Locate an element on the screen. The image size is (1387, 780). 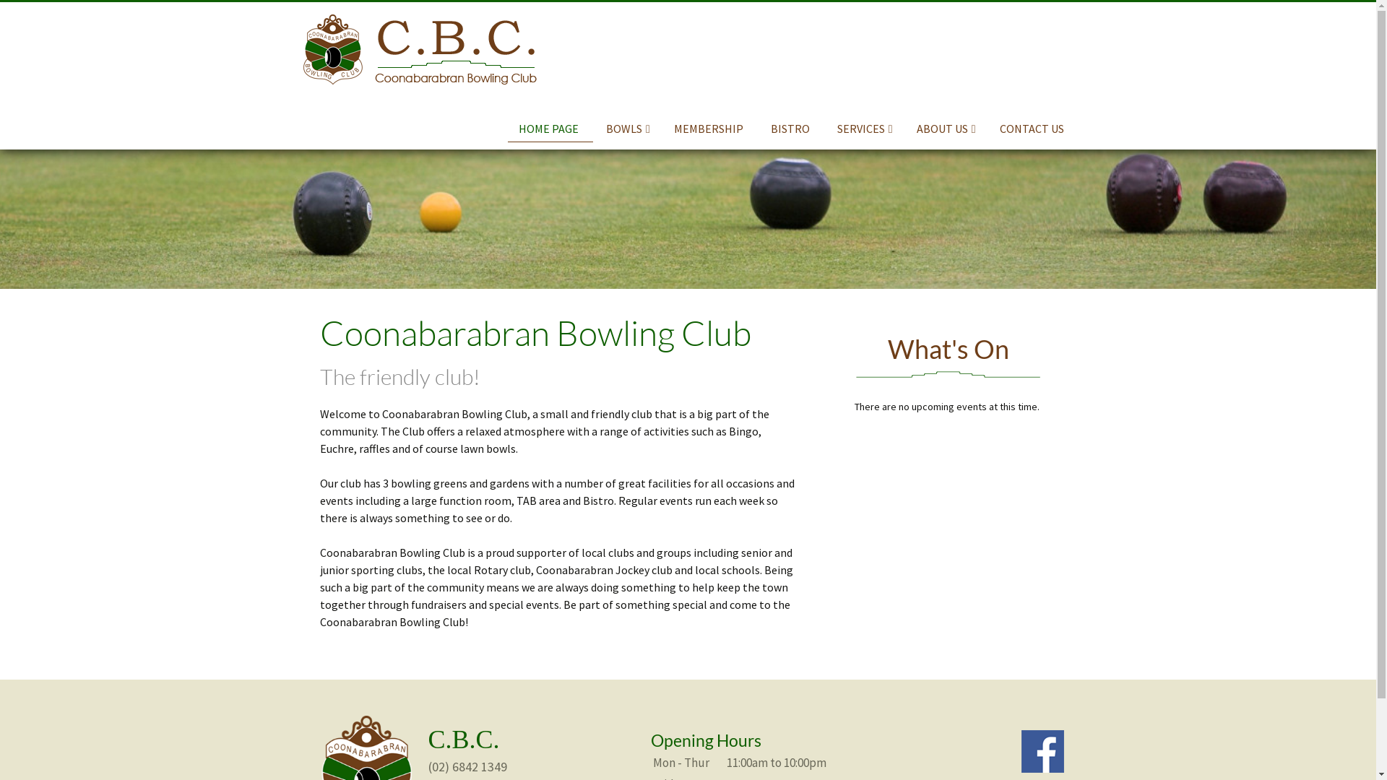
'HOME PAGE' is located at coordinates (550, 128).